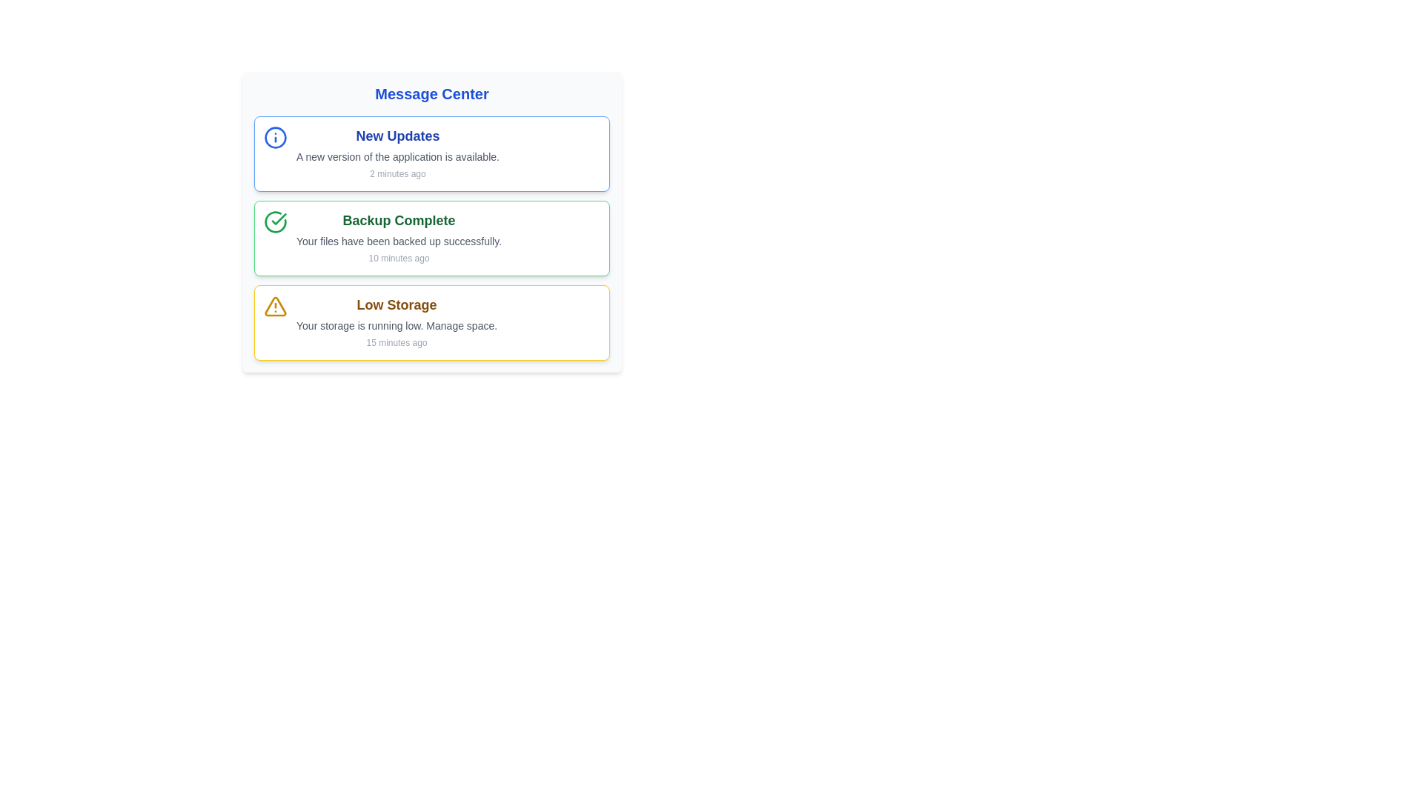 This screenshot has width=1423, height=800. I want to click on the second informational label in the 'Message Center' that indicates successful completion of a backup operation, so click(399, 237).